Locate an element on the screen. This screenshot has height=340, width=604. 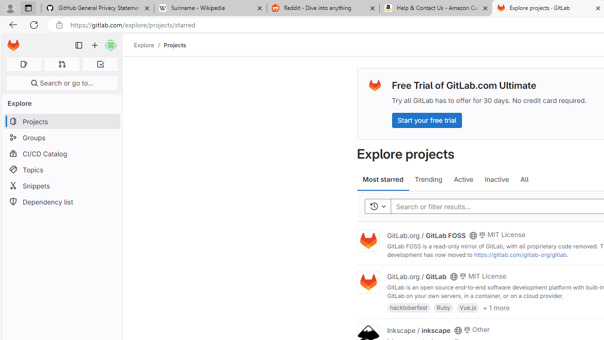
'Explore/' is located at coordinates (149, 45).